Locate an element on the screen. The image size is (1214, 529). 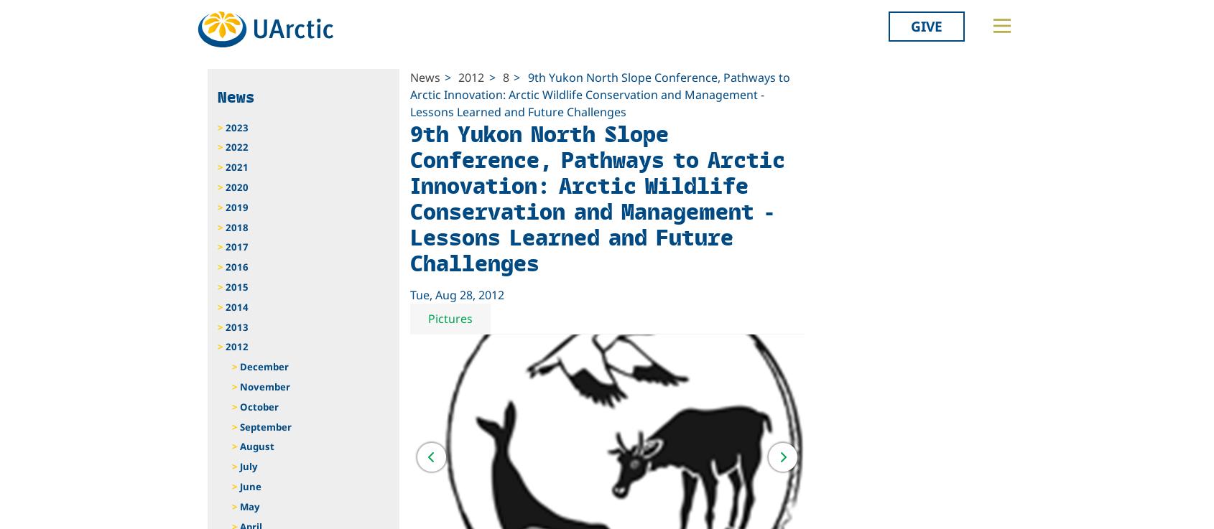
'Tue, Aug 28, 2012' is located at coordinates (456, 294).